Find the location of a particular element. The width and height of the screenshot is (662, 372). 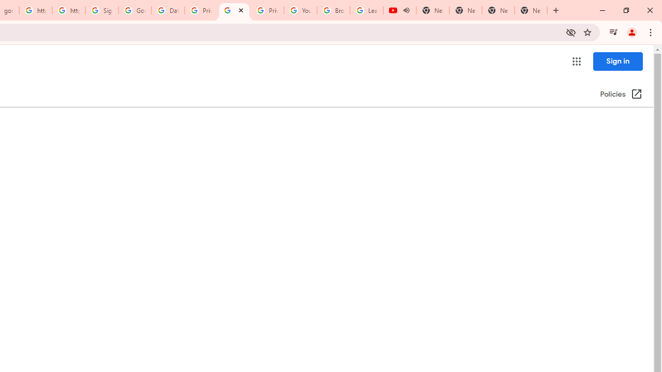

'Browse Chrome as a guest - Computer - Google Chrome Help' is located at coordinates (334, 10).